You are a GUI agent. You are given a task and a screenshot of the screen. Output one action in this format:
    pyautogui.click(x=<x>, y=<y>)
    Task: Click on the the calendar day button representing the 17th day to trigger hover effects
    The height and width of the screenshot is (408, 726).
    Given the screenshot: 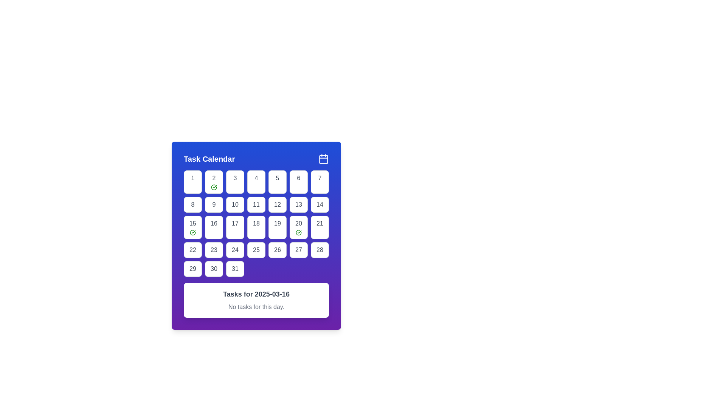 What is the action you would take?
    pyautogui.click(x=235, y=227)
    